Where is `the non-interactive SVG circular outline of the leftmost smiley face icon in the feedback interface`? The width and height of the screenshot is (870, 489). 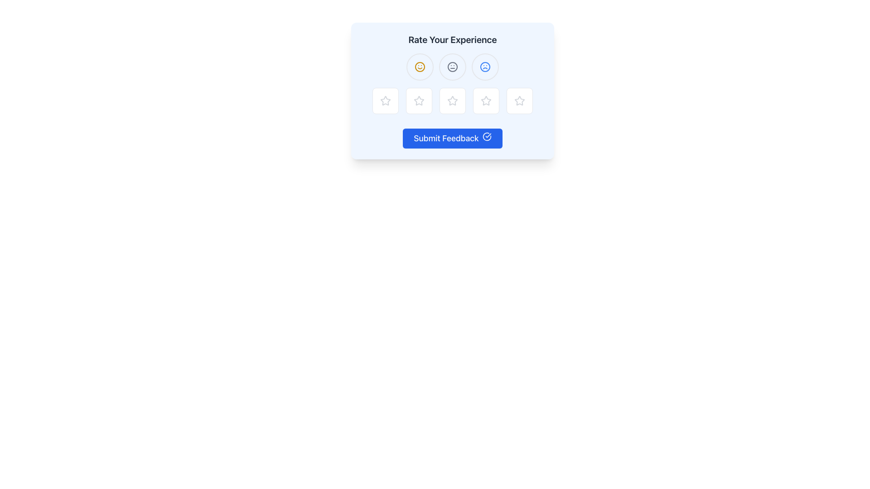 the non-interactive SVG circular outline of the leftmost smiley face icon in the feedback interface is located at coordinates (419, 66).